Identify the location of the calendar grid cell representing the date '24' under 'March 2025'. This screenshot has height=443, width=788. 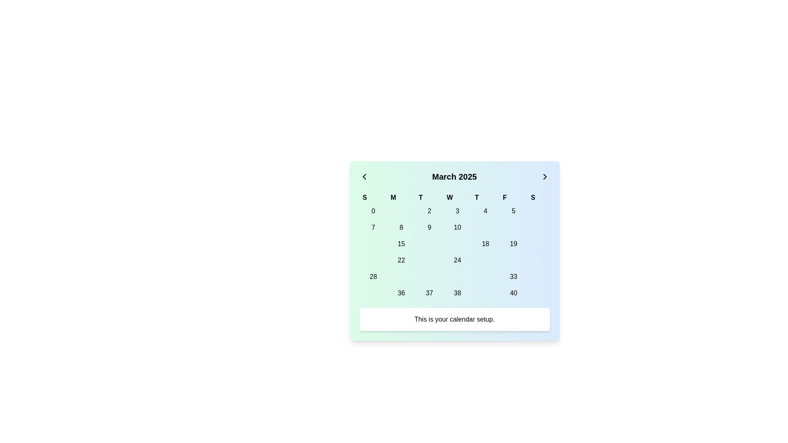
(454, 251).